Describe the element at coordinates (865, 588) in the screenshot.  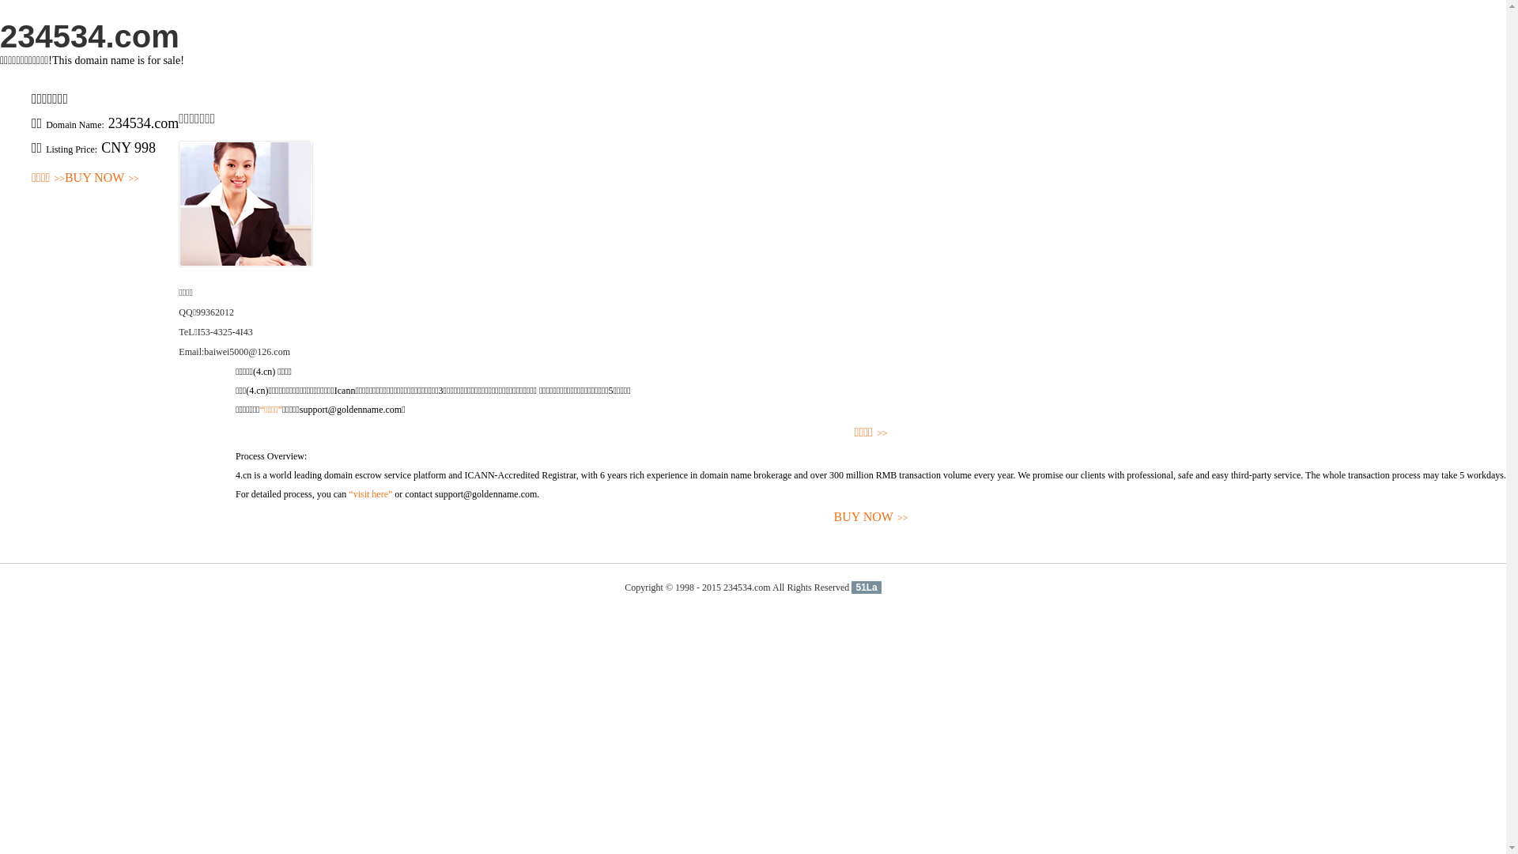
I see `'51La'` at that location.